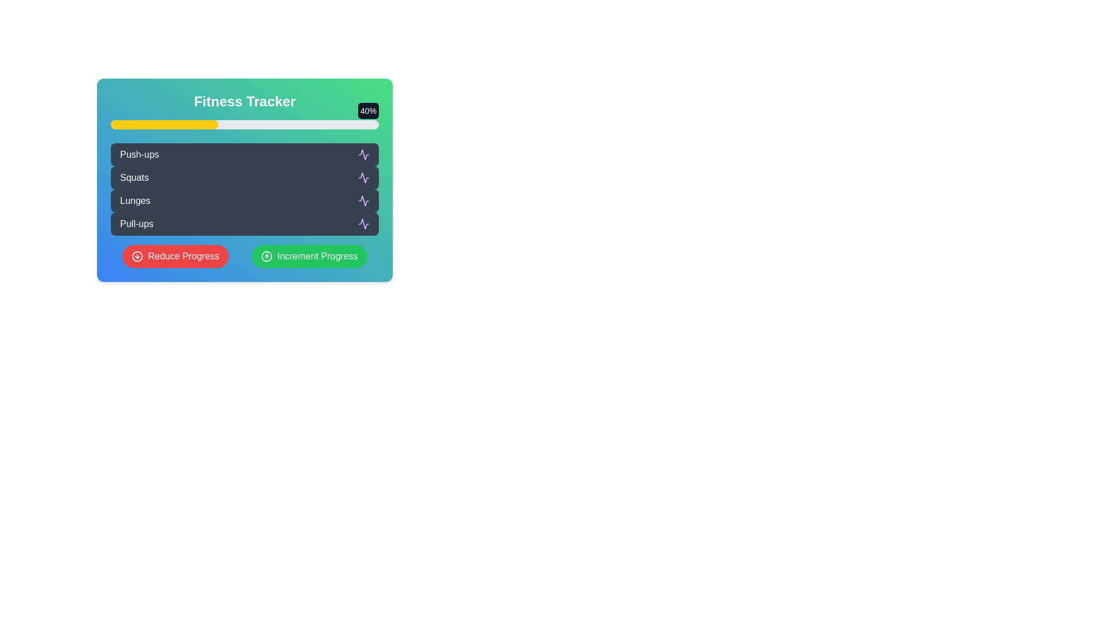  Describe the element at coordinates (244, 255) in the screenshot. I see `the button group containing the 'Reduce Progress' (red) and 'Increment Progress' (green) buttons` at that location.